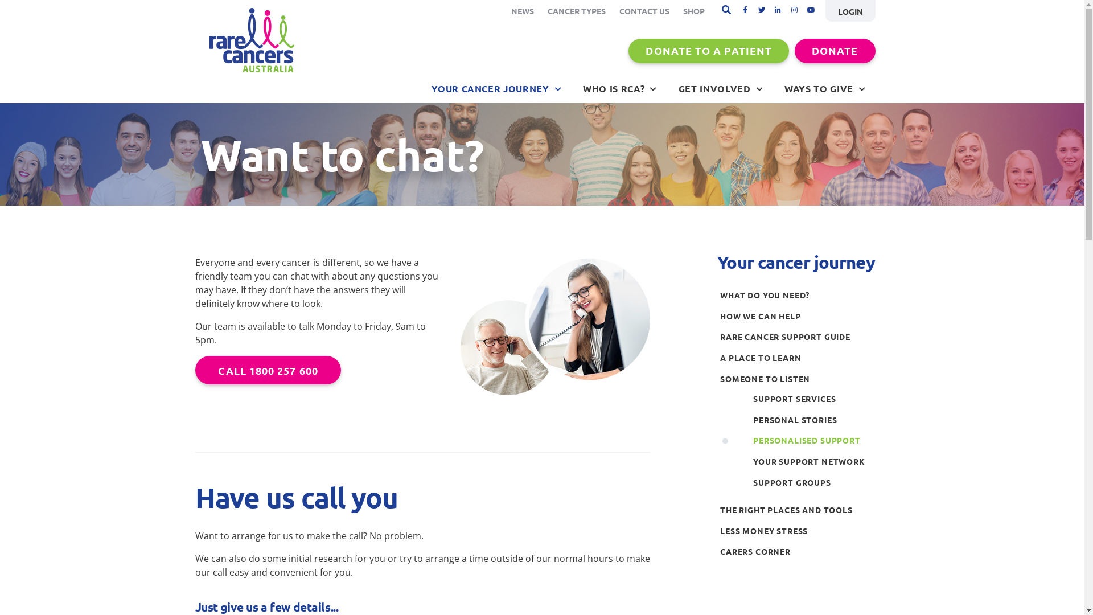 Image resolution: width=1093 pixels, height=615 pixels. What do you see at coordinates (816, 482) in the screenshot?
I see `'SUPPORT GROUPS'` at bounding box center [816, 482].